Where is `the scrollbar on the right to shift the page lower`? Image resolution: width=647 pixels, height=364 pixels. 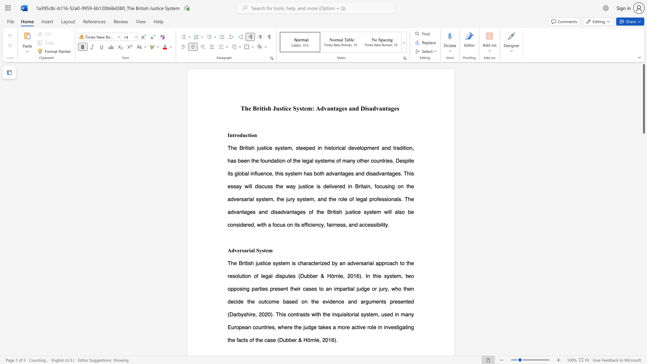 the scrollbar on the right to shift the page lower is located at coordinates (643, 350).